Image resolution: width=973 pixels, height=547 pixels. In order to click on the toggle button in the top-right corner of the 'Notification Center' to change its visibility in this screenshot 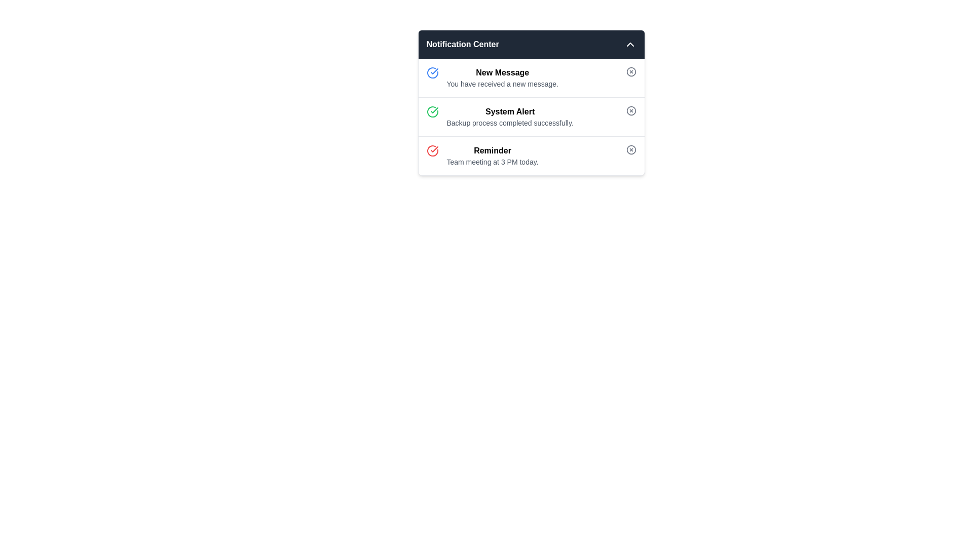, I will do `click(629, 44)`.